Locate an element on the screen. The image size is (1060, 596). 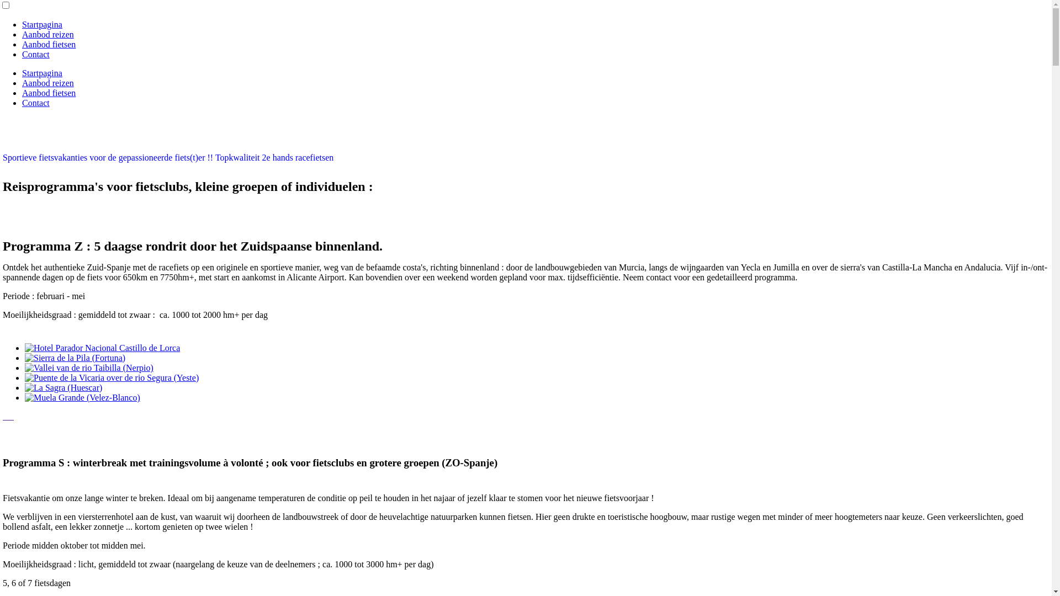
'Contact' is located at coordinates (36, 54).